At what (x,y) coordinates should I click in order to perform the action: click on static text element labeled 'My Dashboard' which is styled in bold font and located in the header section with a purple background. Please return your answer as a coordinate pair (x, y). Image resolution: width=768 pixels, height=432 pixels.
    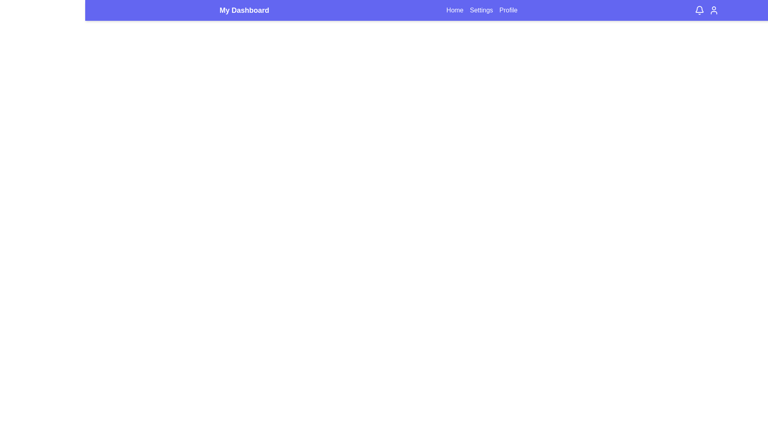
    Looking at the image, I should click on (244, 10).